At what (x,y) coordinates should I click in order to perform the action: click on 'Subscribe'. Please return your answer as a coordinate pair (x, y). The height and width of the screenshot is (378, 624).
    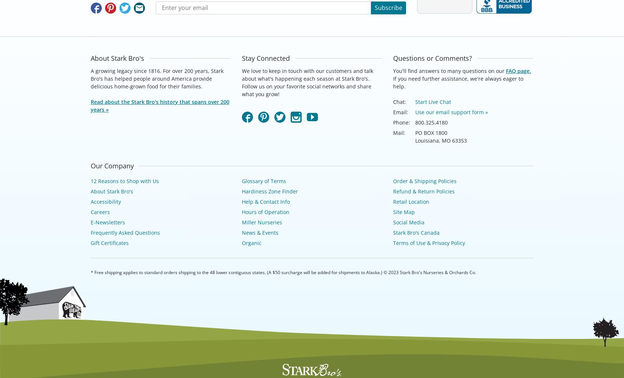
    Looking at the image, I should click on (388, 8).